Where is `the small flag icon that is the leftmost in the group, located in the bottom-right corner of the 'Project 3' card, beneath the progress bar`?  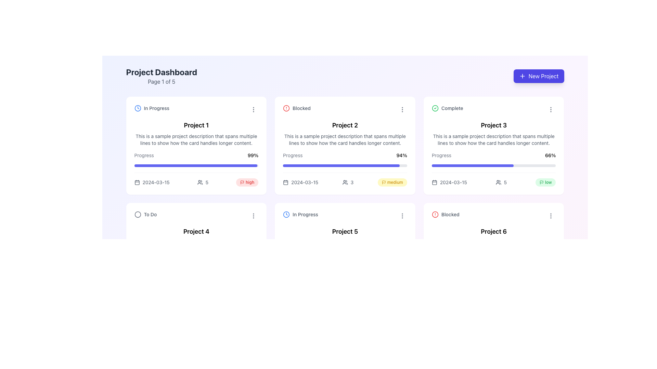 the small flag icon that is the leftmost in the group, located in the bottom-right corner of the 'Project 3' card, beneath the progress bar is located at coordinates (541, 182).